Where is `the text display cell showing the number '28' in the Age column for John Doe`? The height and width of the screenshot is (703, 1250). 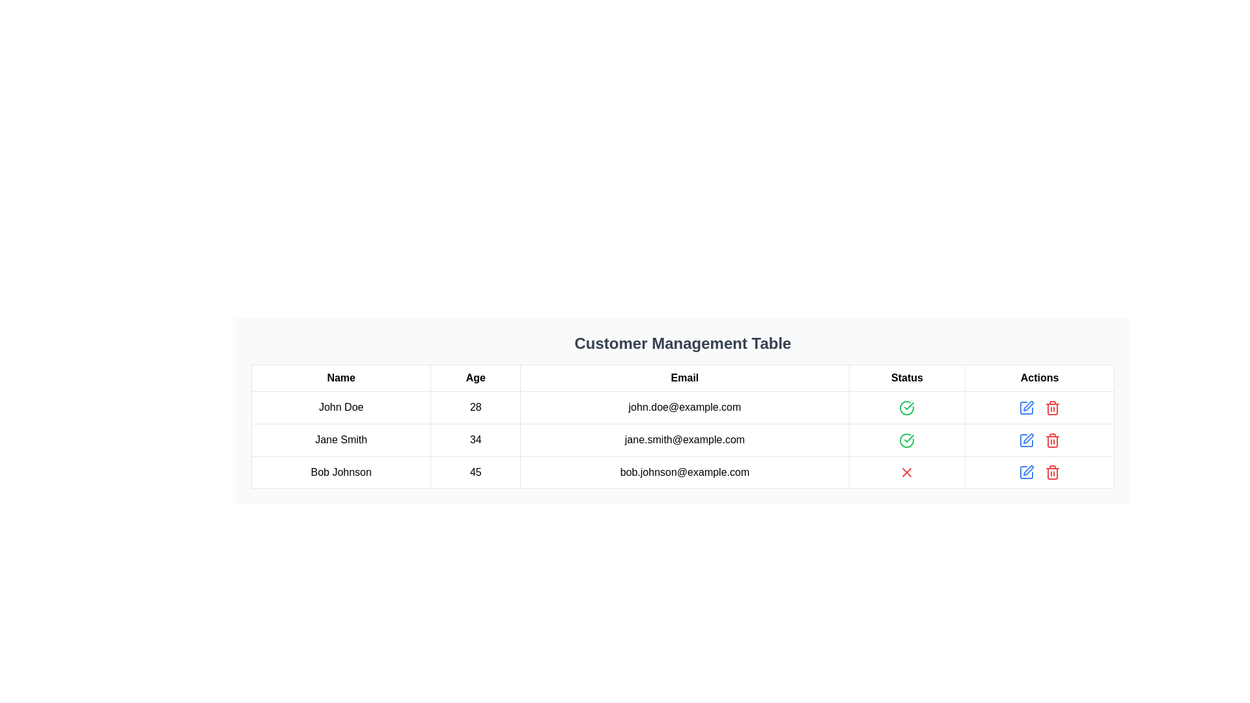 the text display cell showing the number '28' in the Age column for John Doe is located at coordinates (475, 407).